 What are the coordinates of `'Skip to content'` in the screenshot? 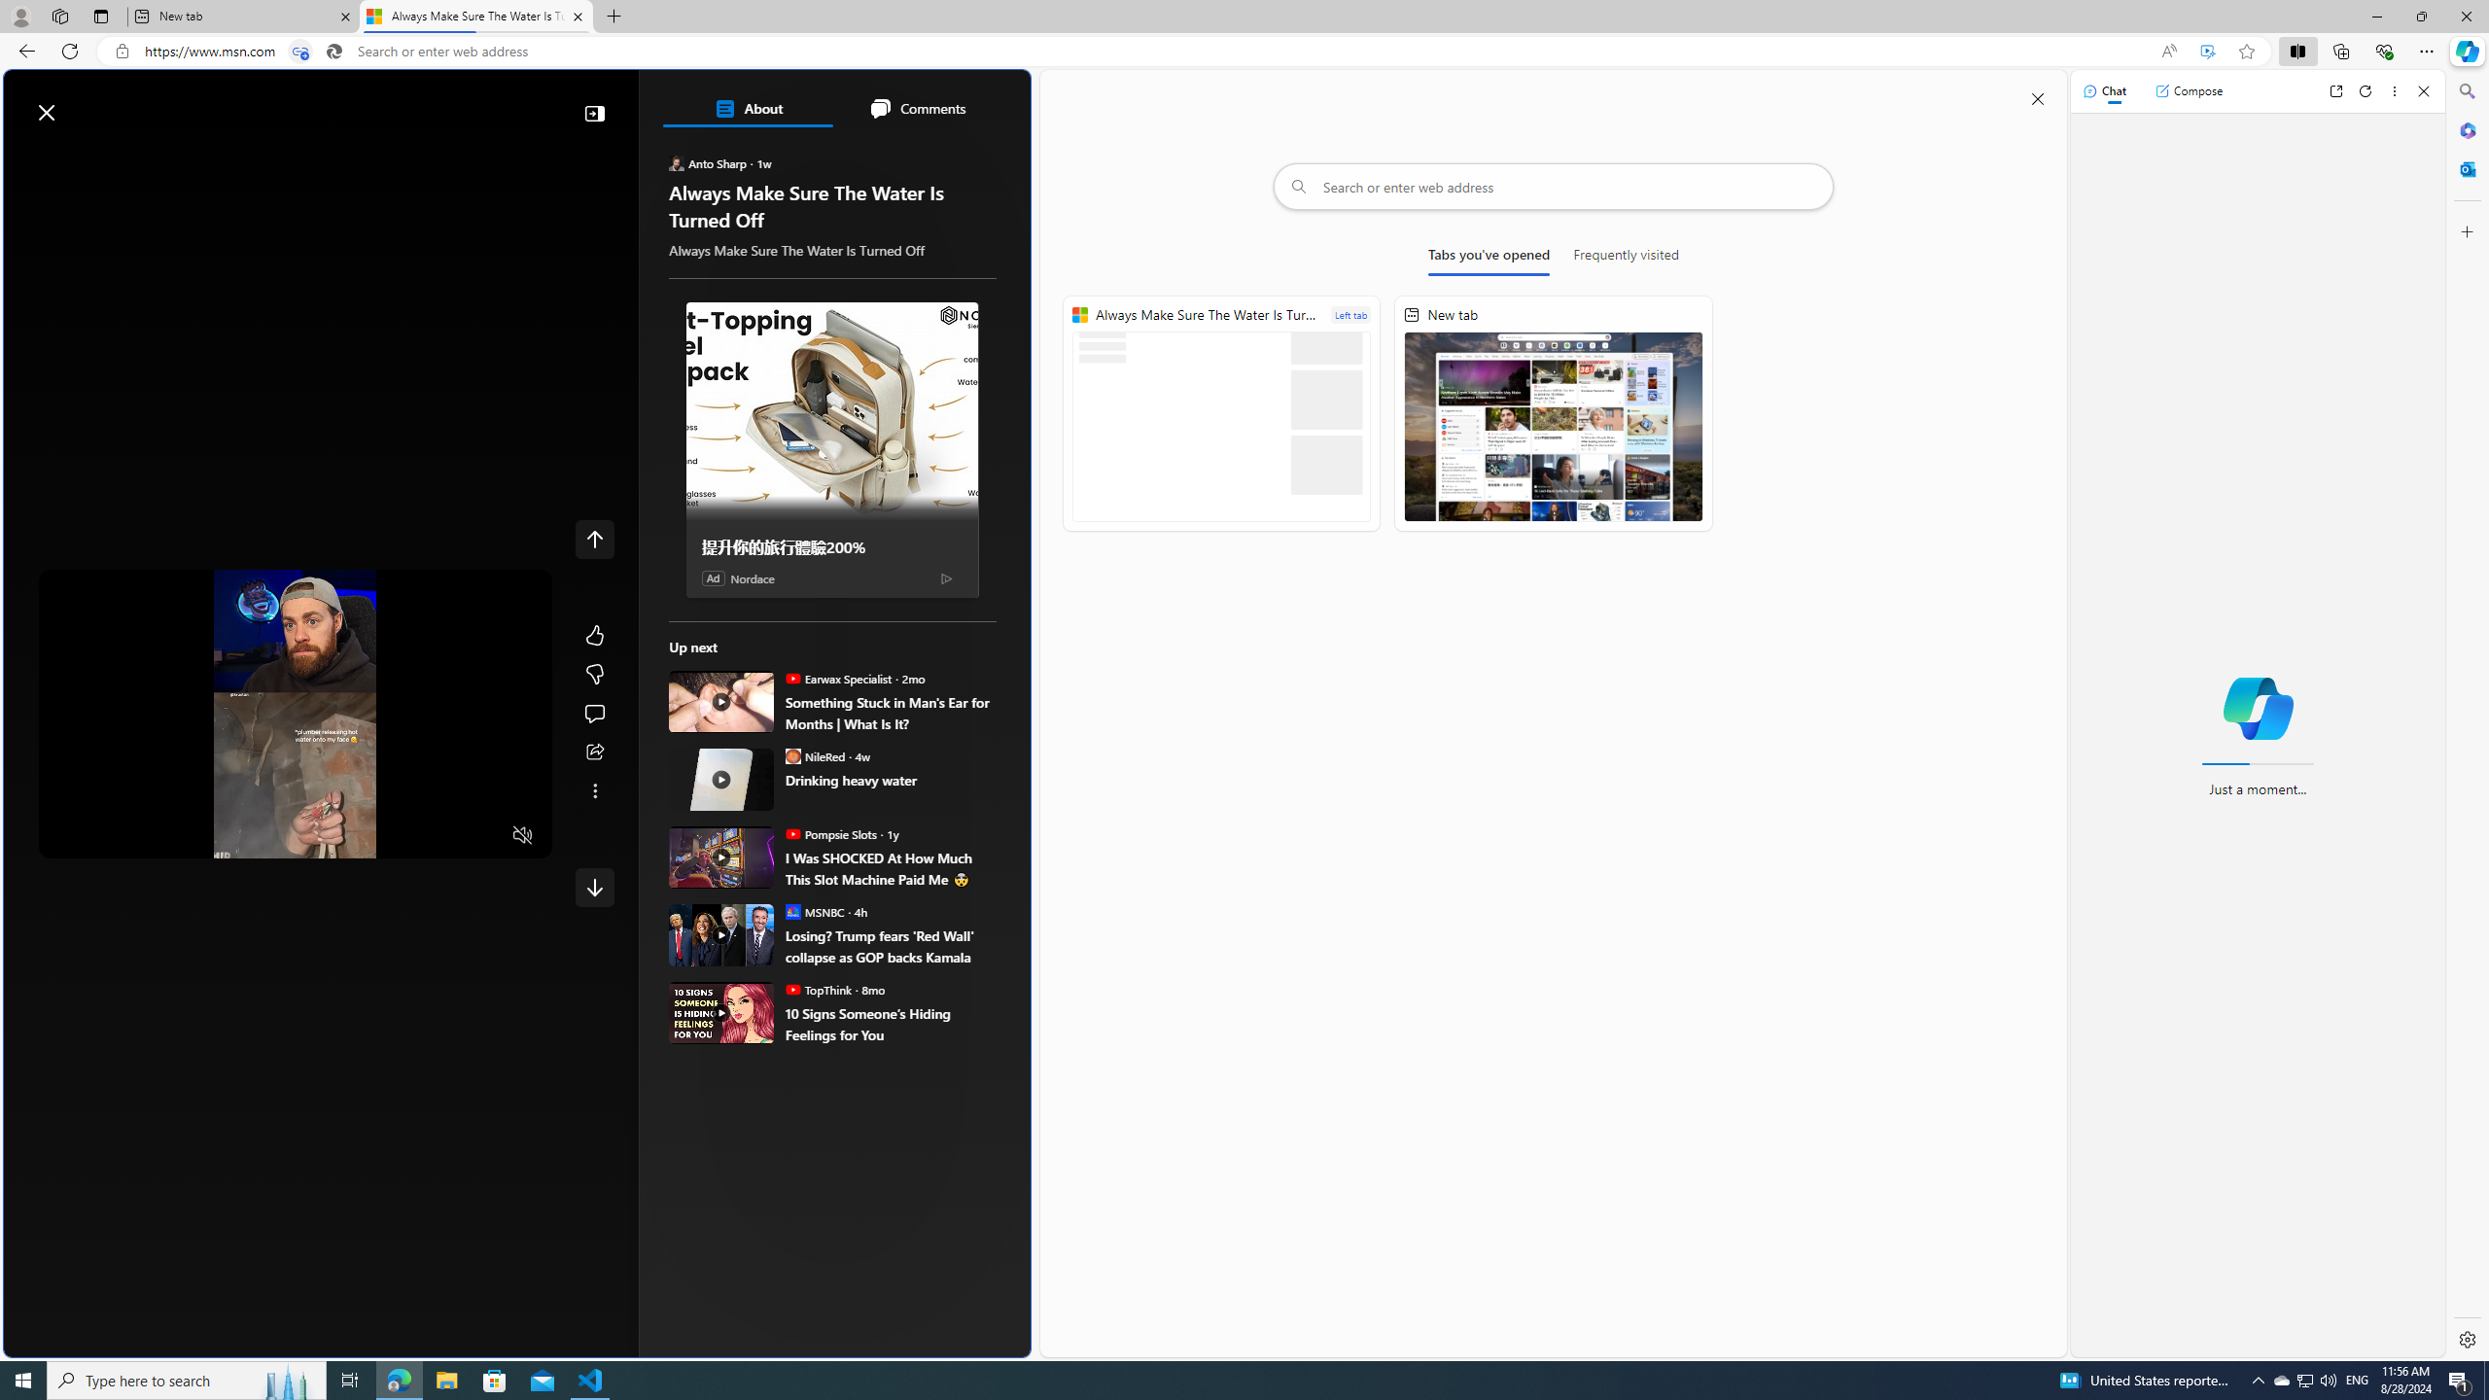 It's located at (84, 101).